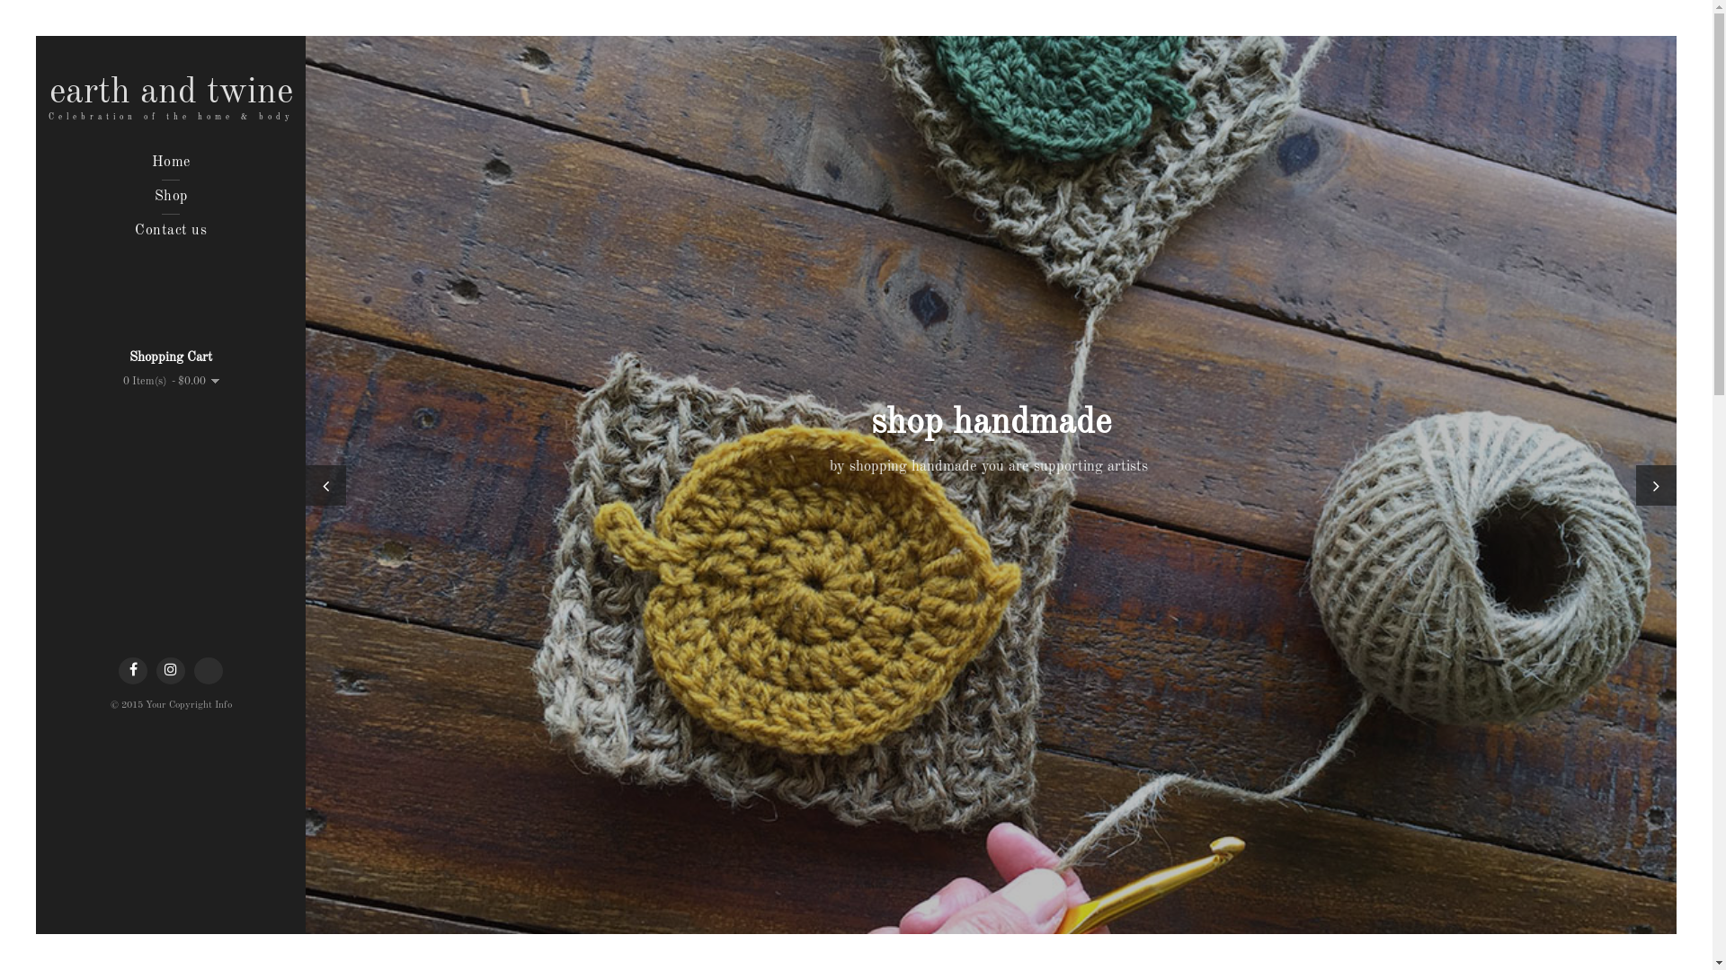 The image size is (1726, 970). What do you see at coordinates (171, 93) in the screenshot?
I see `'earth and twine'` at bounding box center [171, 93].